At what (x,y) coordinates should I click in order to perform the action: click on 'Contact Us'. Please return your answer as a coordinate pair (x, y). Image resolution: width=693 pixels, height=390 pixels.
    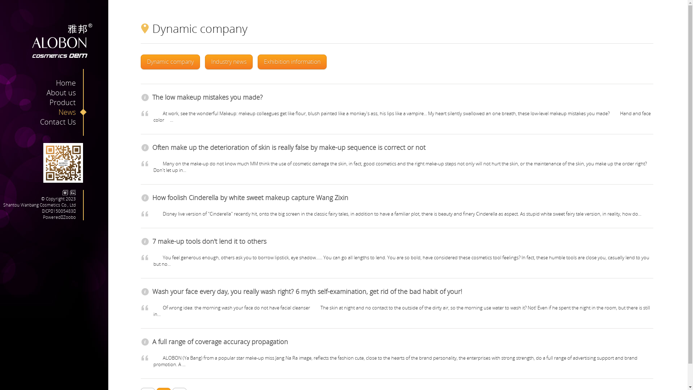
    Looking at the image, I should click on (63, 121).